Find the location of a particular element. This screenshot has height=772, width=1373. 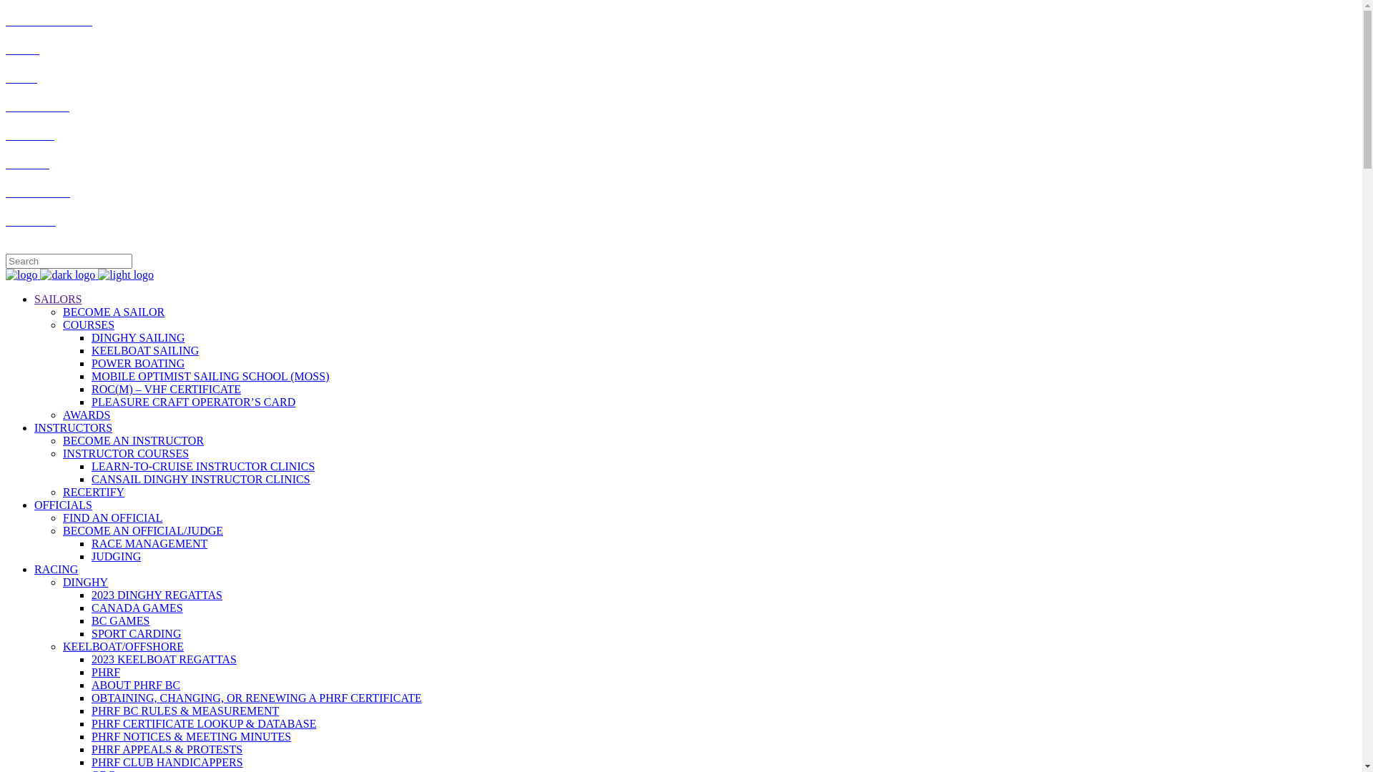

'KEELBOAT/OFFSHORE' is located at coordinates (123, 646).